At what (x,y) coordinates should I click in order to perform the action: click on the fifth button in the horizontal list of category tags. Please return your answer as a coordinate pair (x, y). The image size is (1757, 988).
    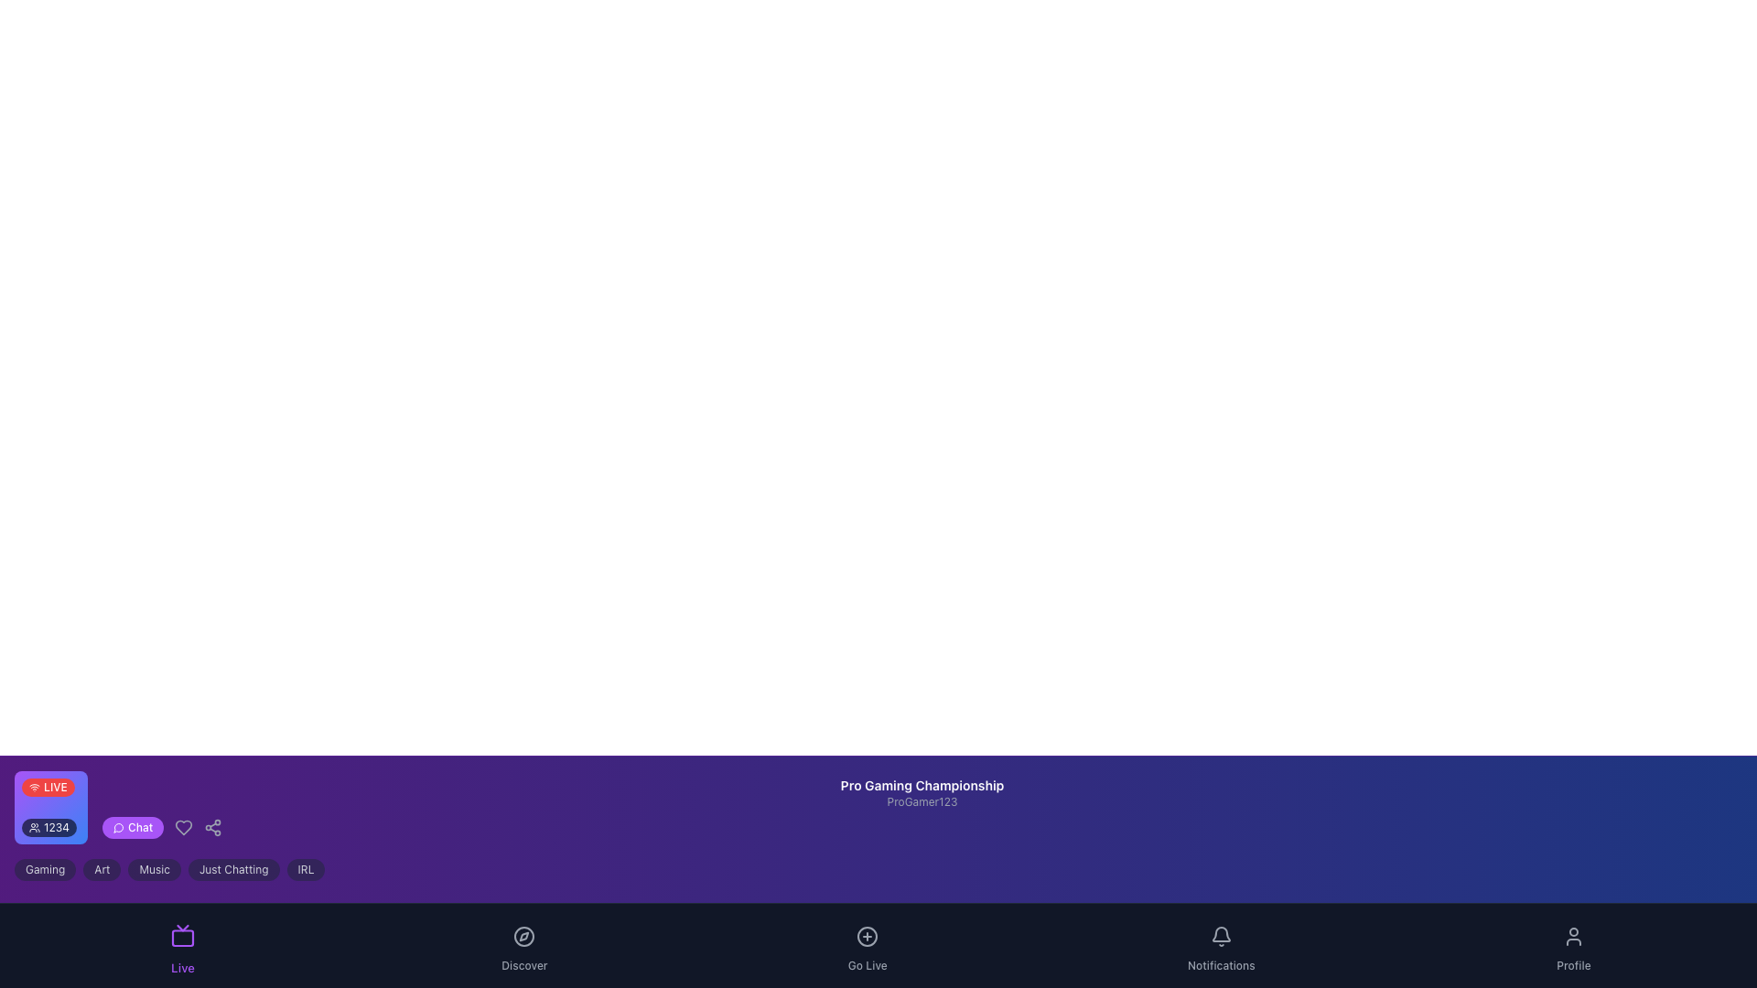
    Looking at the image, I should click on (306, 869).